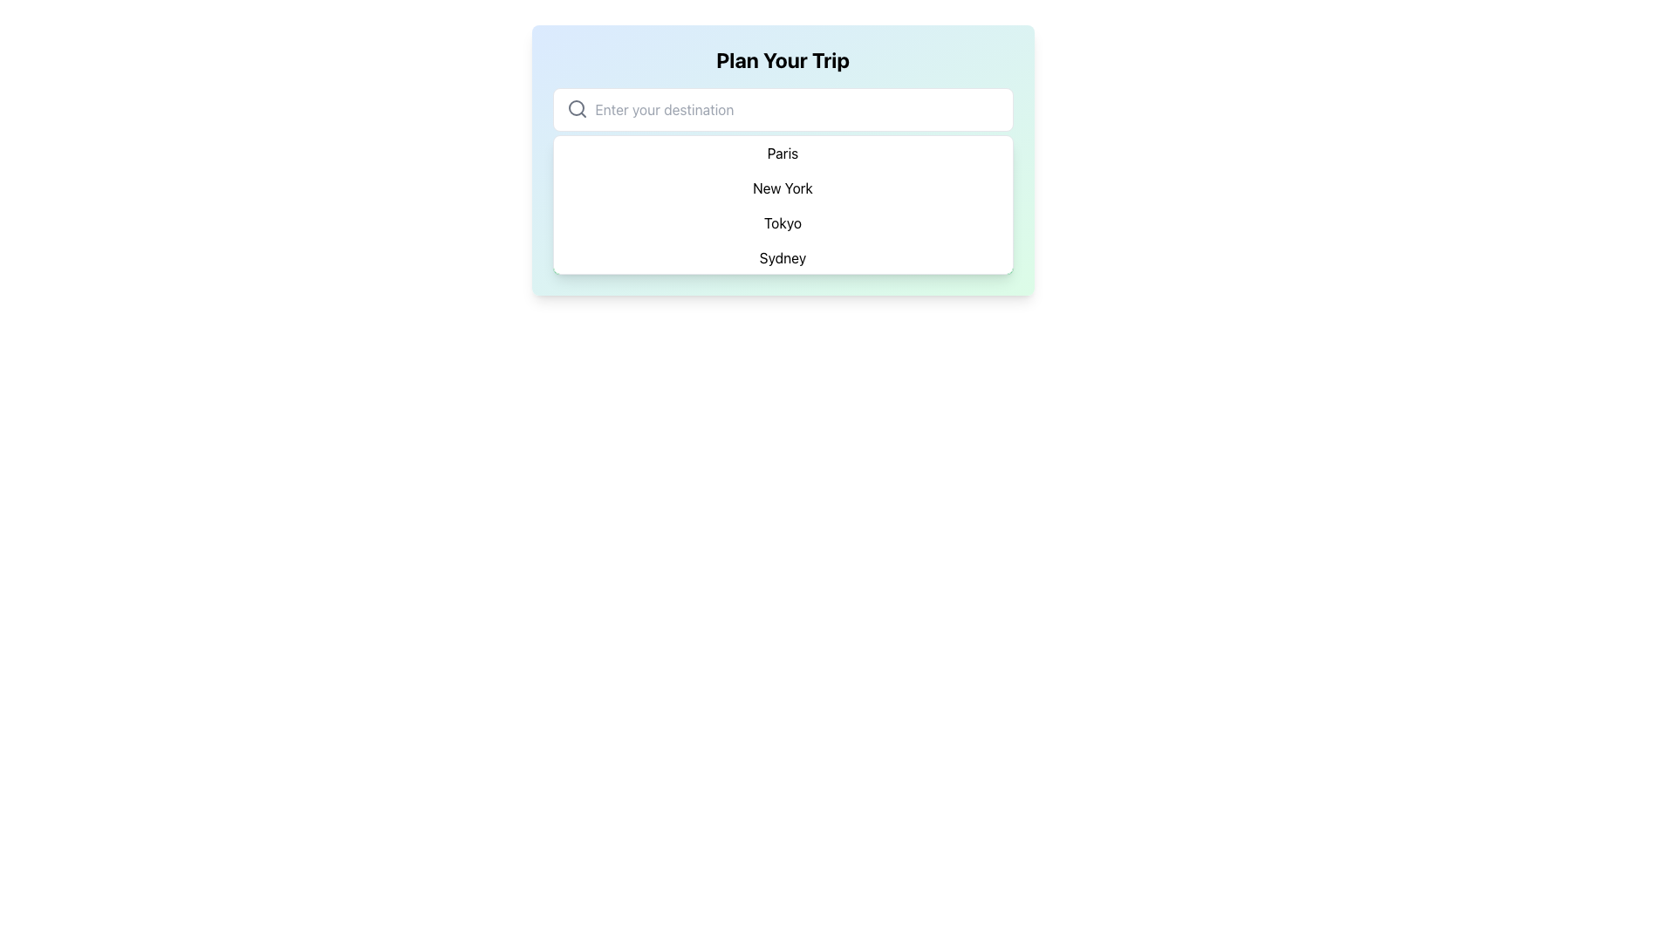  I want to click on the inner small circle of the search magnifying glass icon located inside the search bar at the top of the interface, so click(576, 107).